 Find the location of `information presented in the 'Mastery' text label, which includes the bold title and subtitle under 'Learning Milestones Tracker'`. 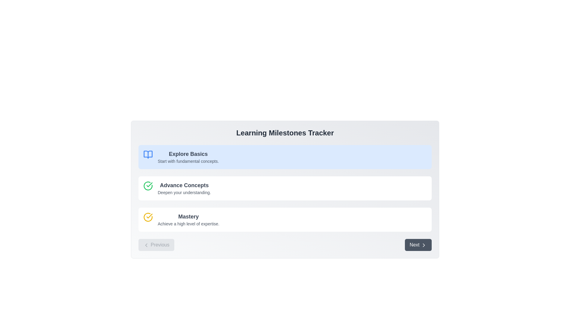

information presented in the 'Mastery' text label, which includes the bold title and subtitle under 'Learning Milestones Tracker' is located at coordinates (188, 219).